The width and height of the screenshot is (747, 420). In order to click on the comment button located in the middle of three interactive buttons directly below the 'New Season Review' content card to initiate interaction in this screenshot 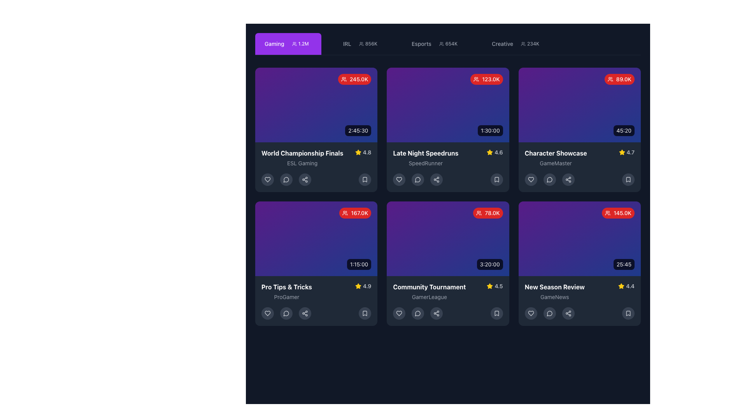, I will do `click(549, 313)`.